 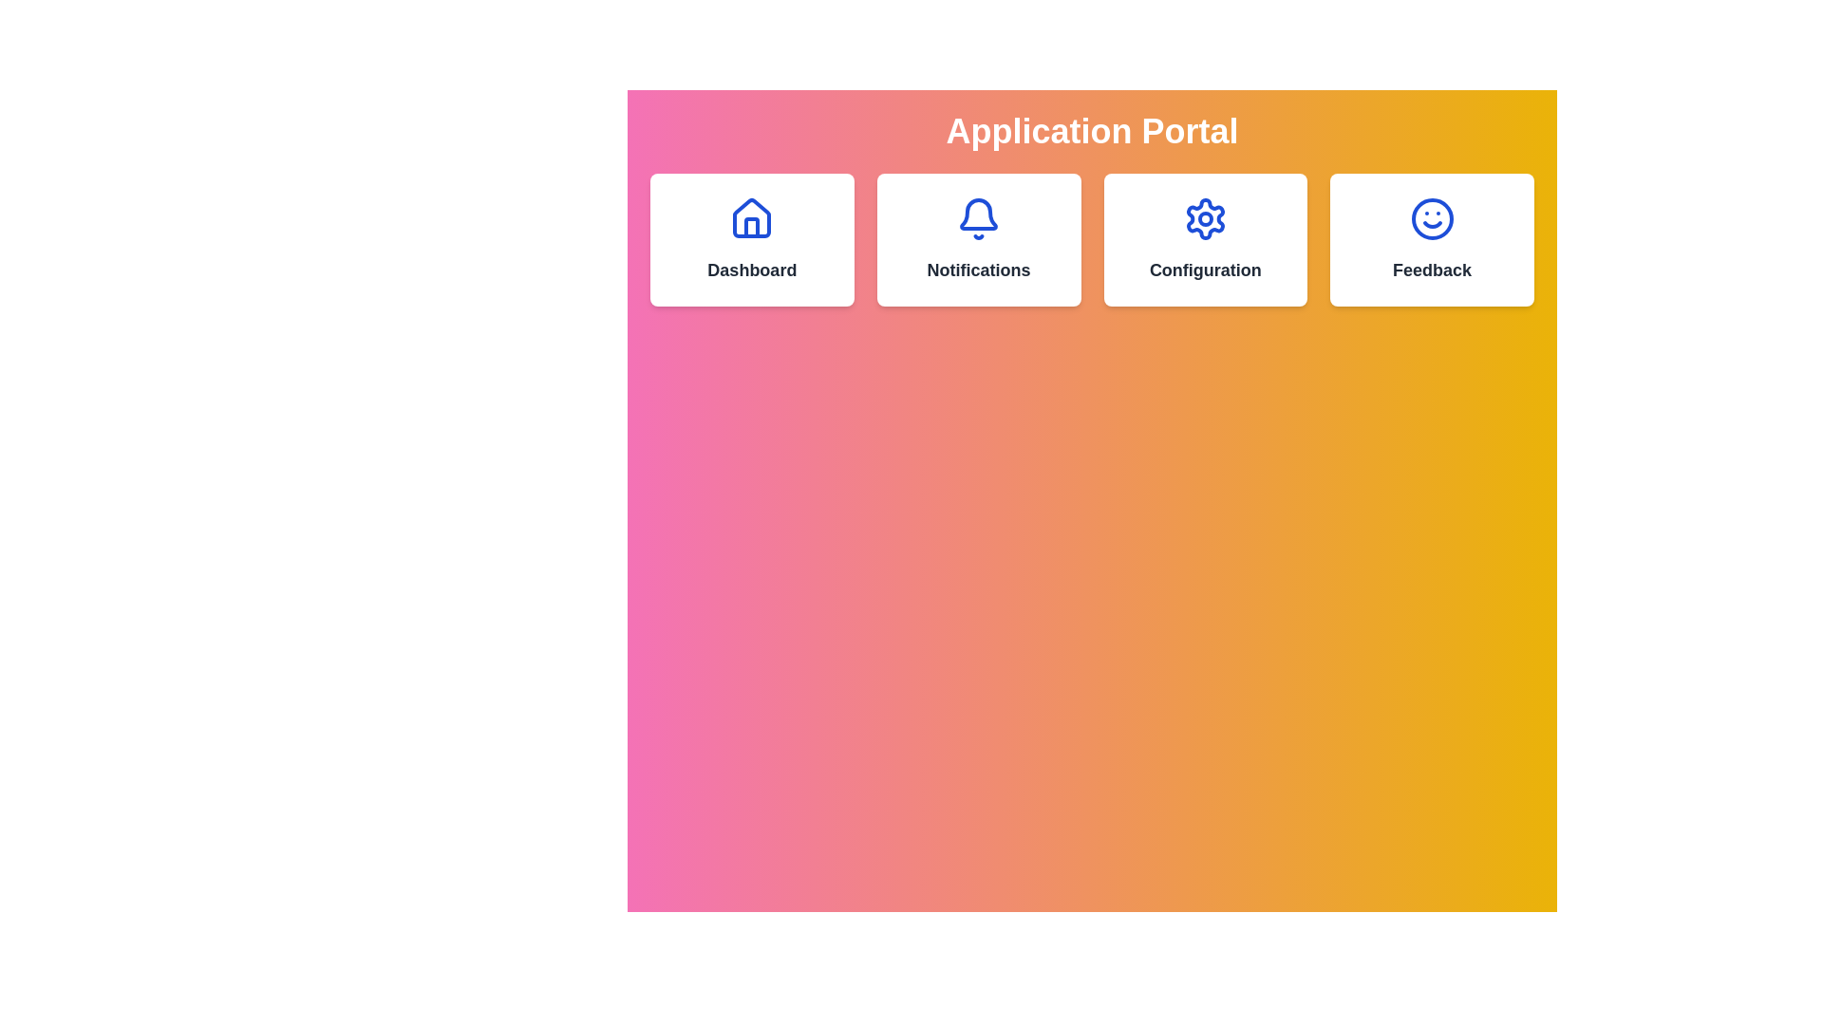 I want to click on the smiley face icon with blue-colored outlines located near the top-center of the Feedback card, which is the last card in a row of four cards, so click(x=1432, y=218).